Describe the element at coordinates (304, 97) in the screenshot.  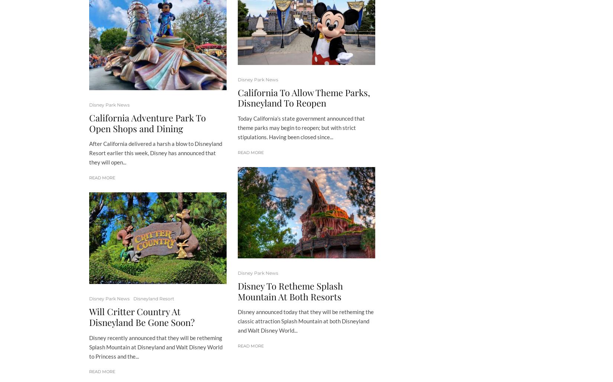
I see `'California To Allow Theme Parks, Disneyland To Reopen'` at that location.